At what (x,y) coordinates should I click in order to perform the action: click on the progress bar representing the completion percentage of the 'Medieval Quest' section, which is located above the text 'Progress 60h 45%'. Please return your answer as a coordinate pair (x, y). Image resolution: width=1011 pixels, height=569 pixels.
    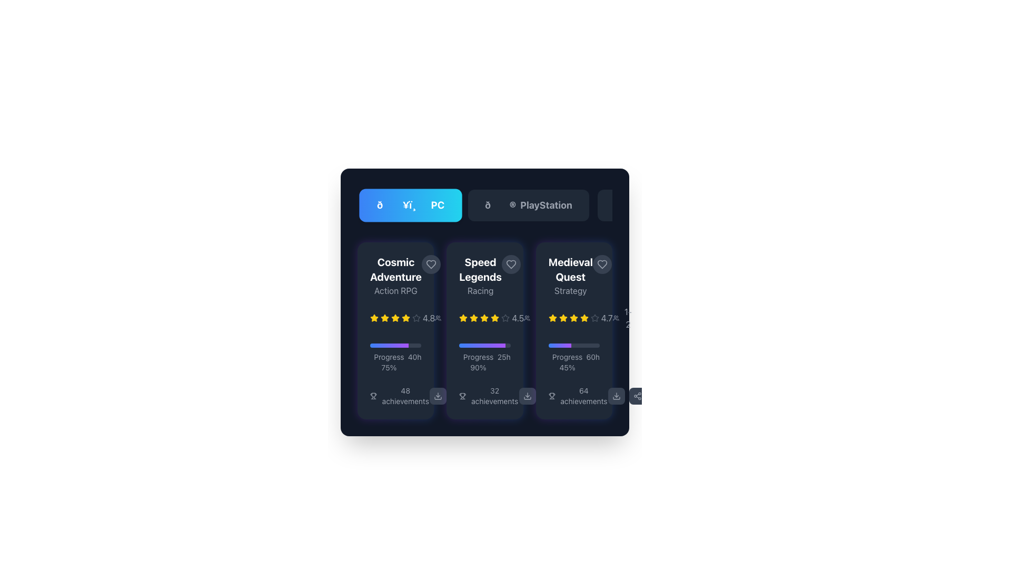
    Looking at the image, I should click on (573, 345).